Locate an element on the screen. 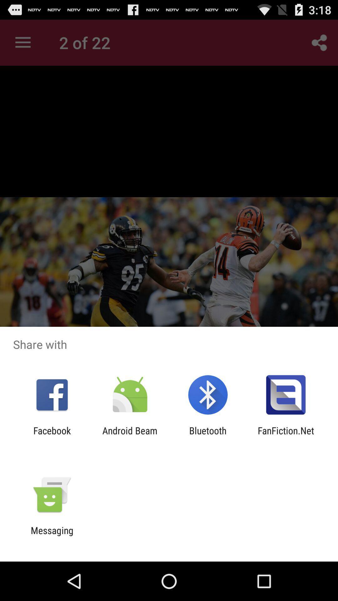 This screenshot has height=601, width=338. the item next to fanfiction.net is located at coordinates (208, 436).